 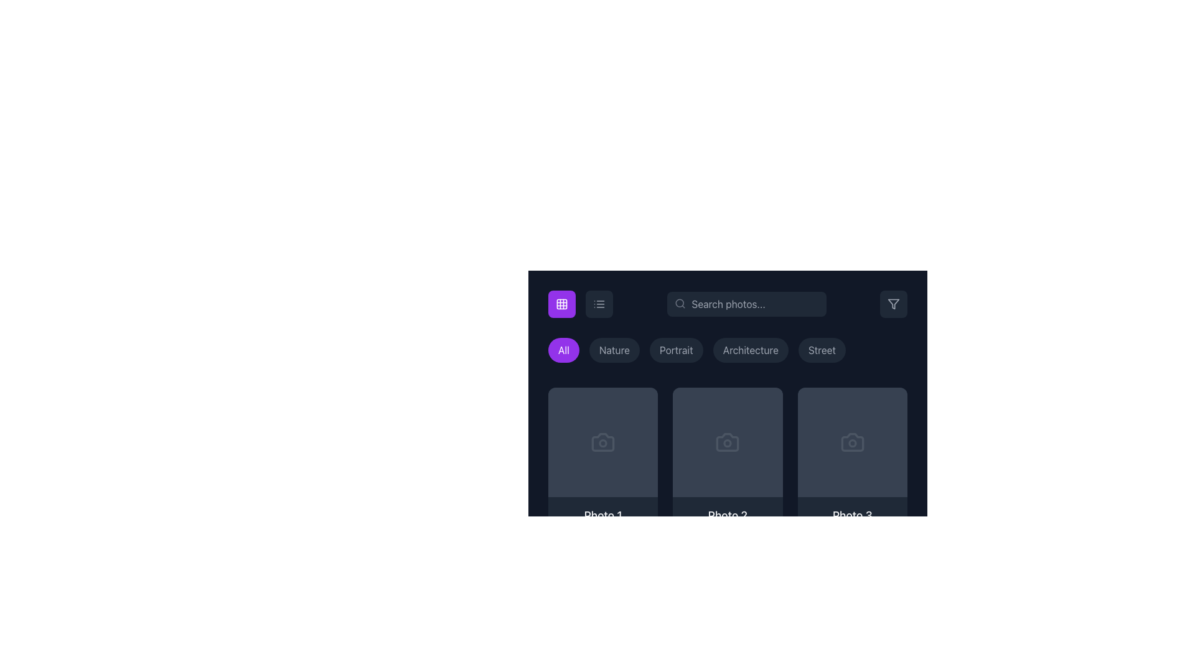 I want to click on the search input box styled with rounded corners and gray color tones, which includes placeholder text 'Search photos...' and a magnifying glass icon, so click(x=746, y=304).